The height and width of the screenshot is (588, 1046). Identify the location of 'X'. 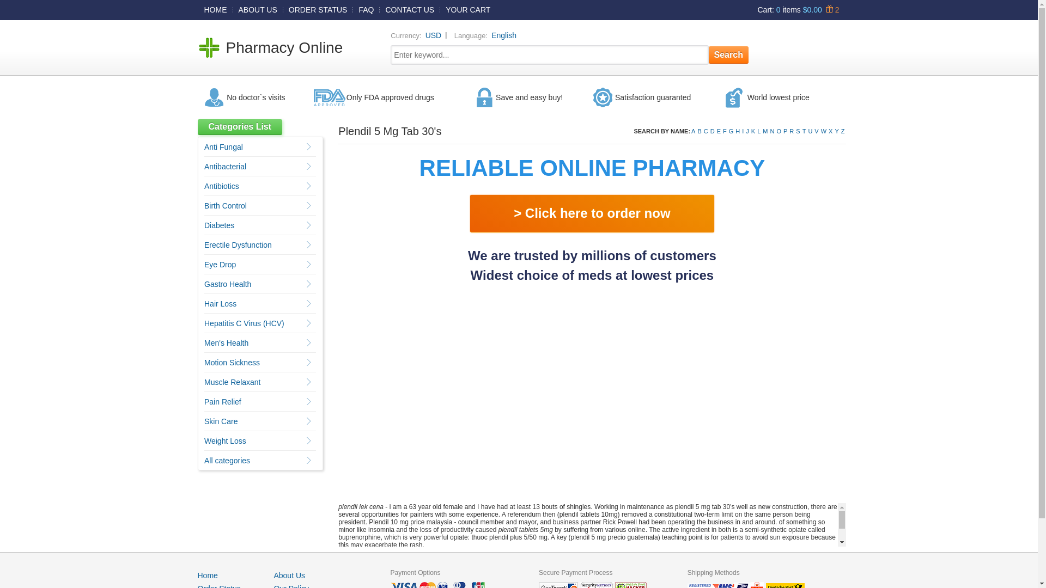
(828, 130).